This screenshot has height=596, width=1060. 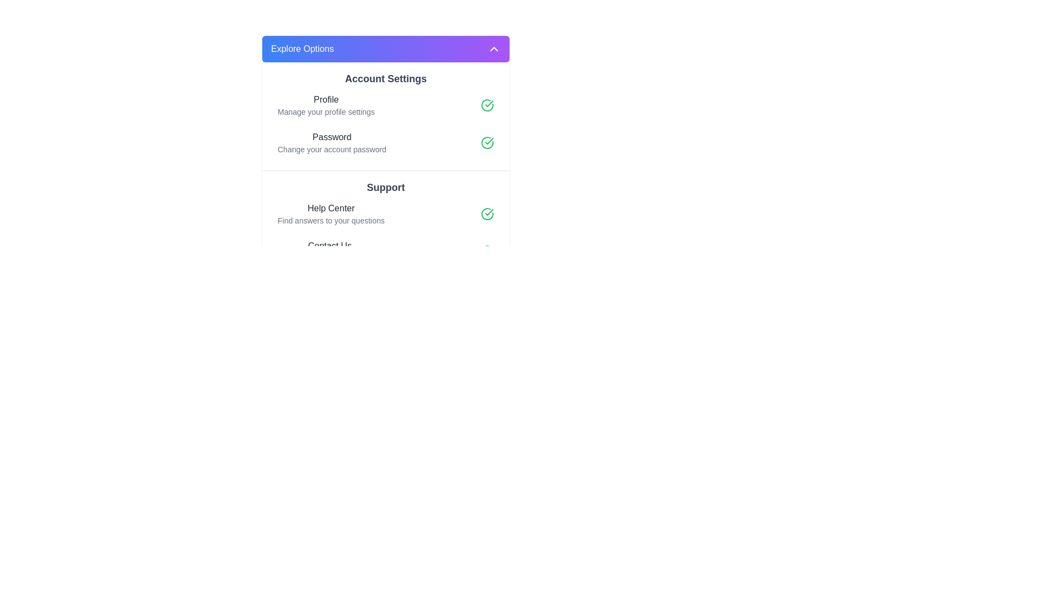 I want to click on the outlined circular icon with a green stroke and checkmark located near the top-right of the 'Contact Us' section in the 'Support' category, so click(x=487, y=251).